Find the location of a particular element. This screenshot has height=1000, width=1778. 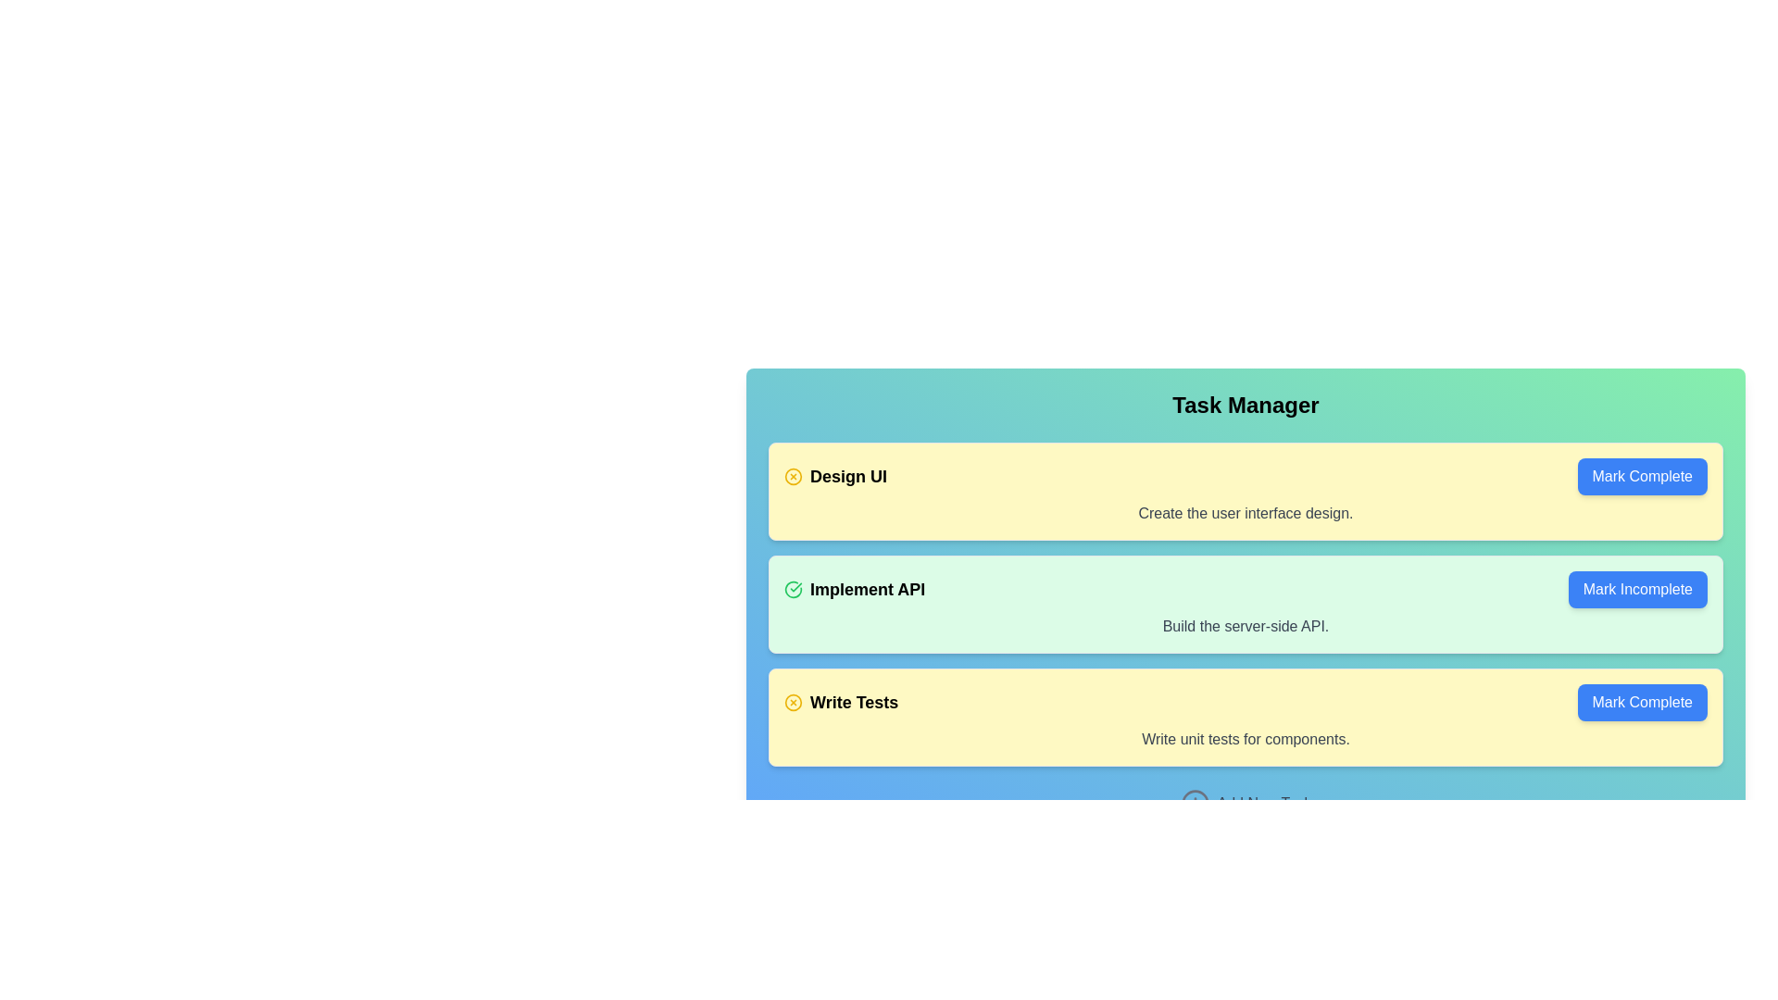

the Text label providing additional information about the 'Write Tests' task is located at coordinates (1246, 738).